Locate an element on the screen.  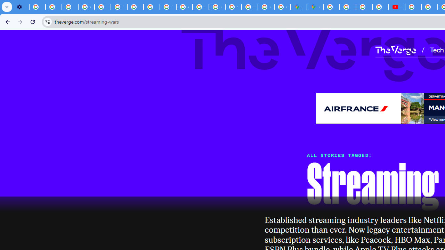
'Tech' is located at coordinates (436, 49).